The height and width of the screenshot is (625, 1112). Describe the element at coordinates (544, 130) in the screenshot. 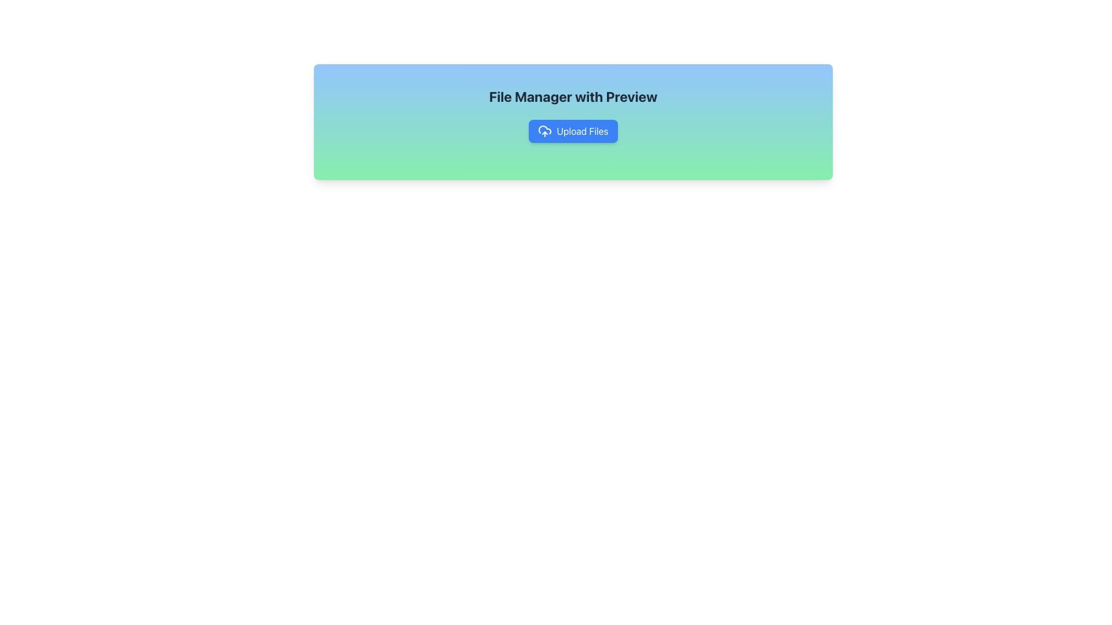

I see `the curved outline of the upper cloud shape in the SVG graphic that is part of the 'Upload Files' button` at that location.